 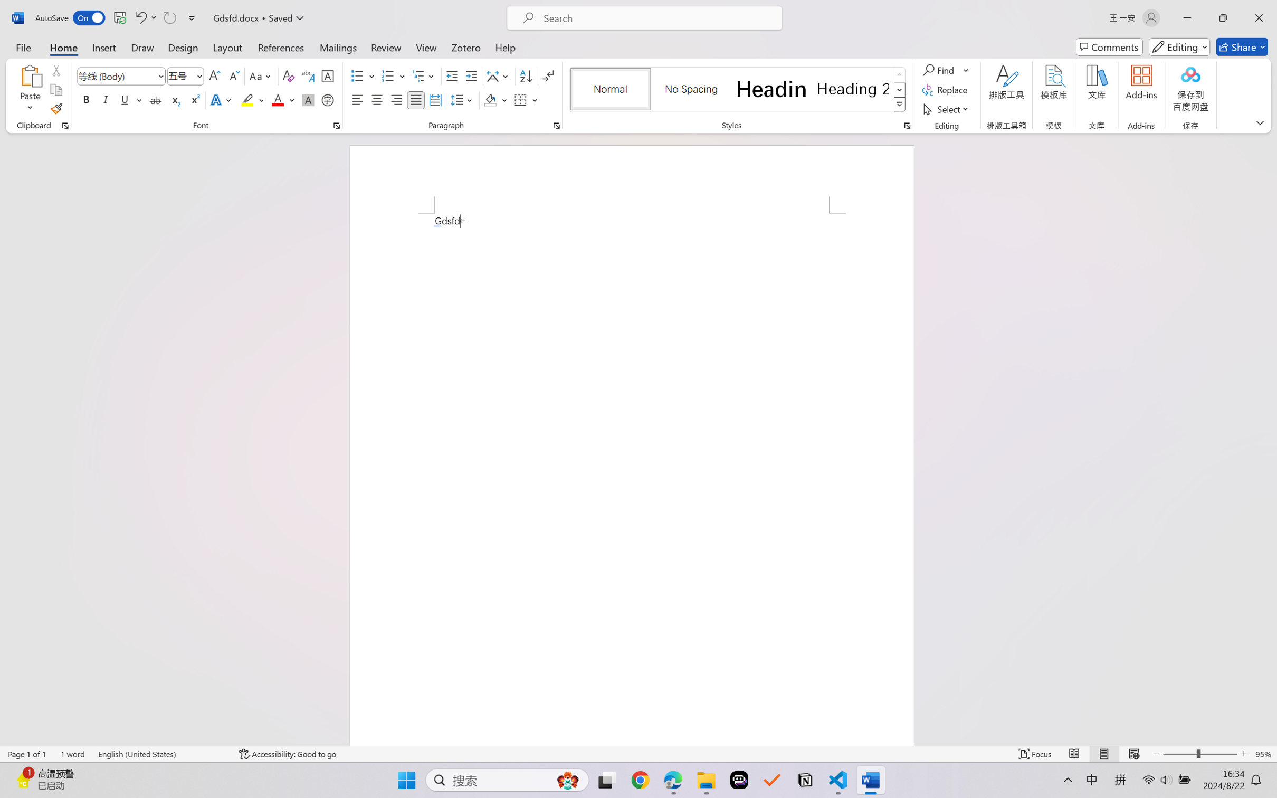 What do you see at coordinates (853, 89) in the screenshot?
I see `'Heading 2'` at bounding box center [853, 89].